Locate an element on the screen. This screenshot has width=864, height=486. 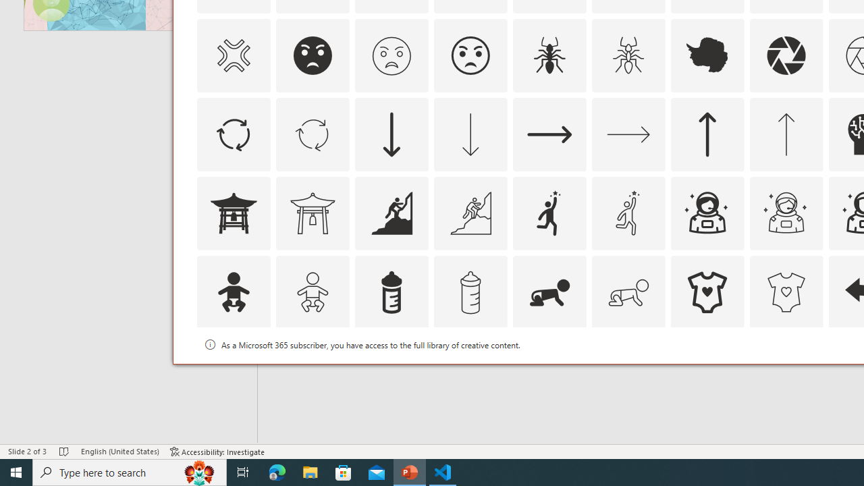
'AutomationID: Icons_BabyCrawling' is located at coordinates (549, 291).